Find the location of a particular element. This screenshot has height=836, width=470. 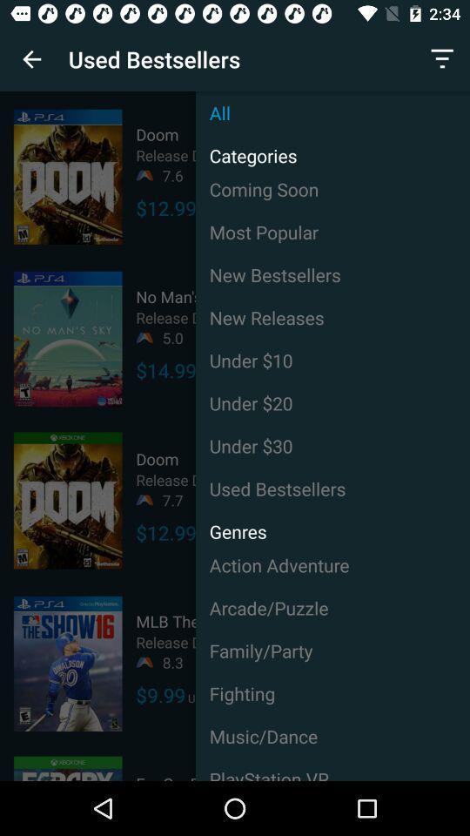

the fighting icon is located at coordinates (332, 693).